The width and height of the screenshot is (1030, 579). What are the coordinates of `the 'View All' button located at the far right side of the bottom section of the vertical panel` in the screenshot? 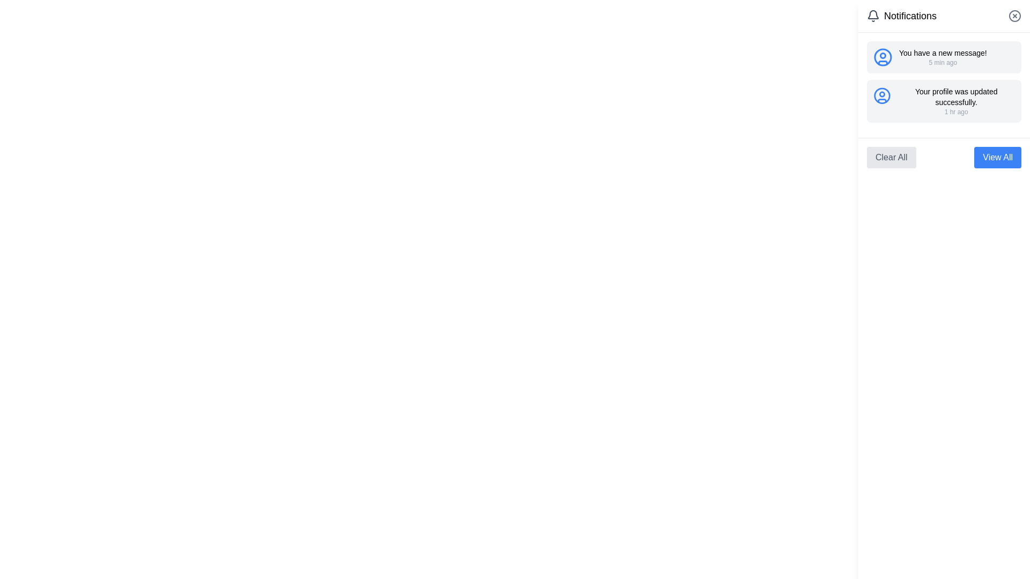 It's located at (997, 157).